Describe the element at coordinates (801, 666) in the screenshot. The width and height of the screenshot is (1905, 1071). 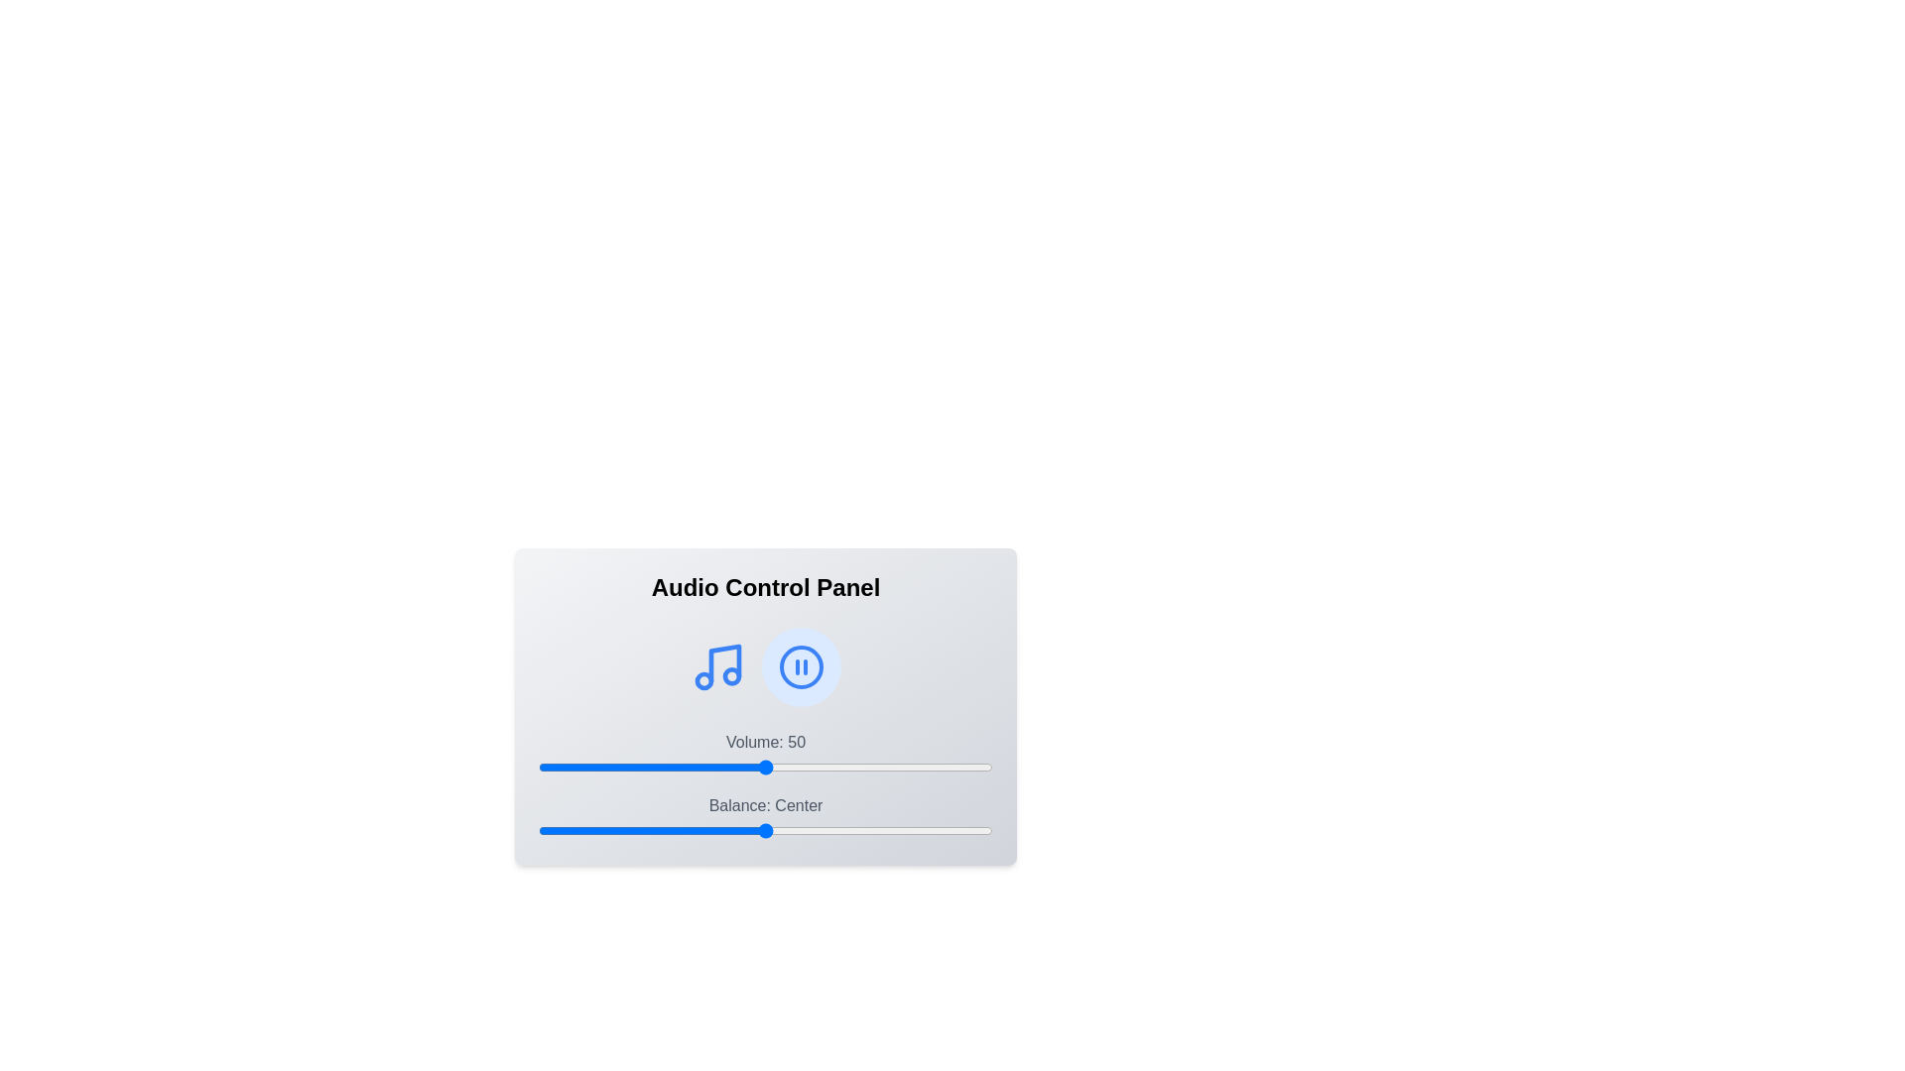
I see `the audio control icon button, which is the second icon in a horizontal group of icons with a light-blue background, located` at that location.